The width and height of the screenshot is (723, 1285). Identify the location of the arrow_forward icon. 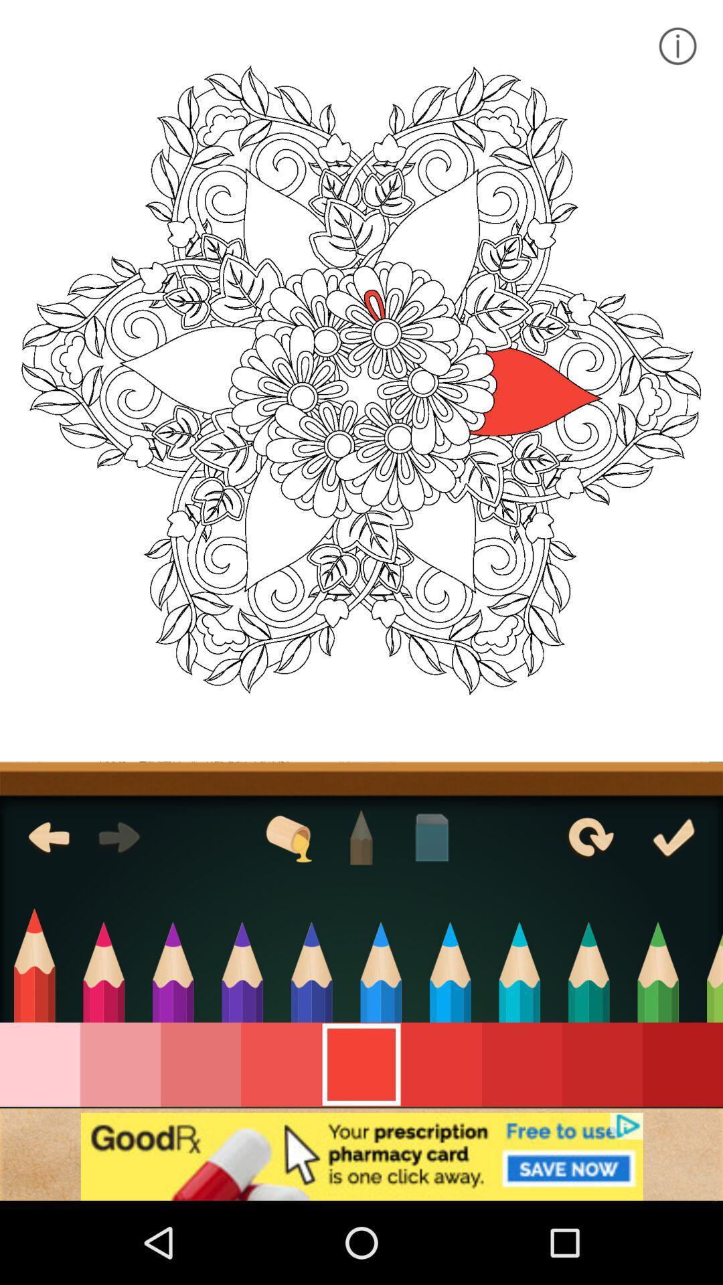
(118, 837).